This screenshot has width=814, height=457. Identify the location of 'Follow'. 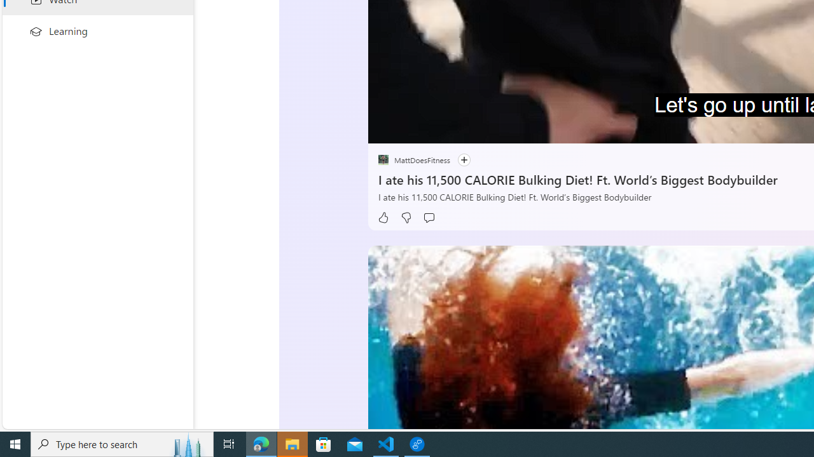
(463, 159).